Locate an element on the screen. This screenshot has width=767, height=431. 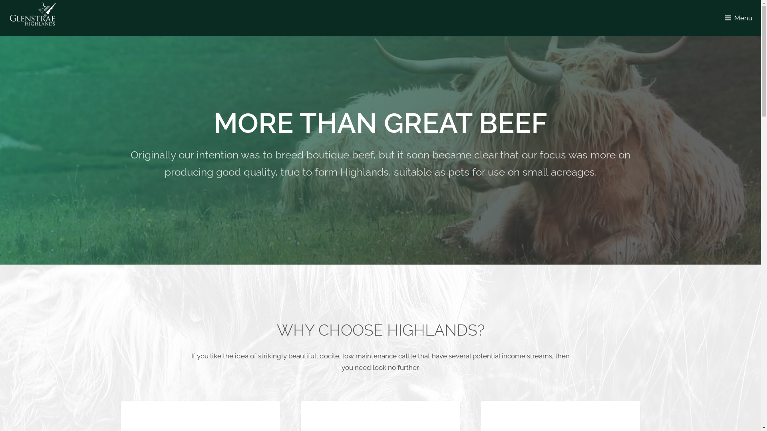
'Menu' is located at coordinates (740, 18).